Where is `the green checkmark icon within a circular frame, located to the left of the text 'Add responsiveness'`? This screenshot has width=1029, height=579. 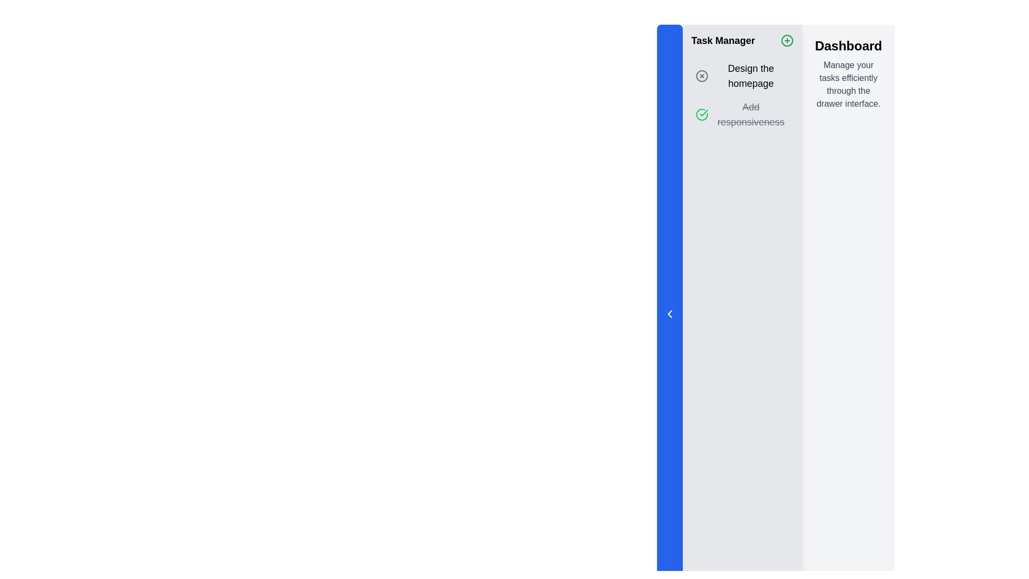 the green checkmark icon within a circular frame, located to the left of the text 'Add responsiveness' is located at coordinates (702, 114).